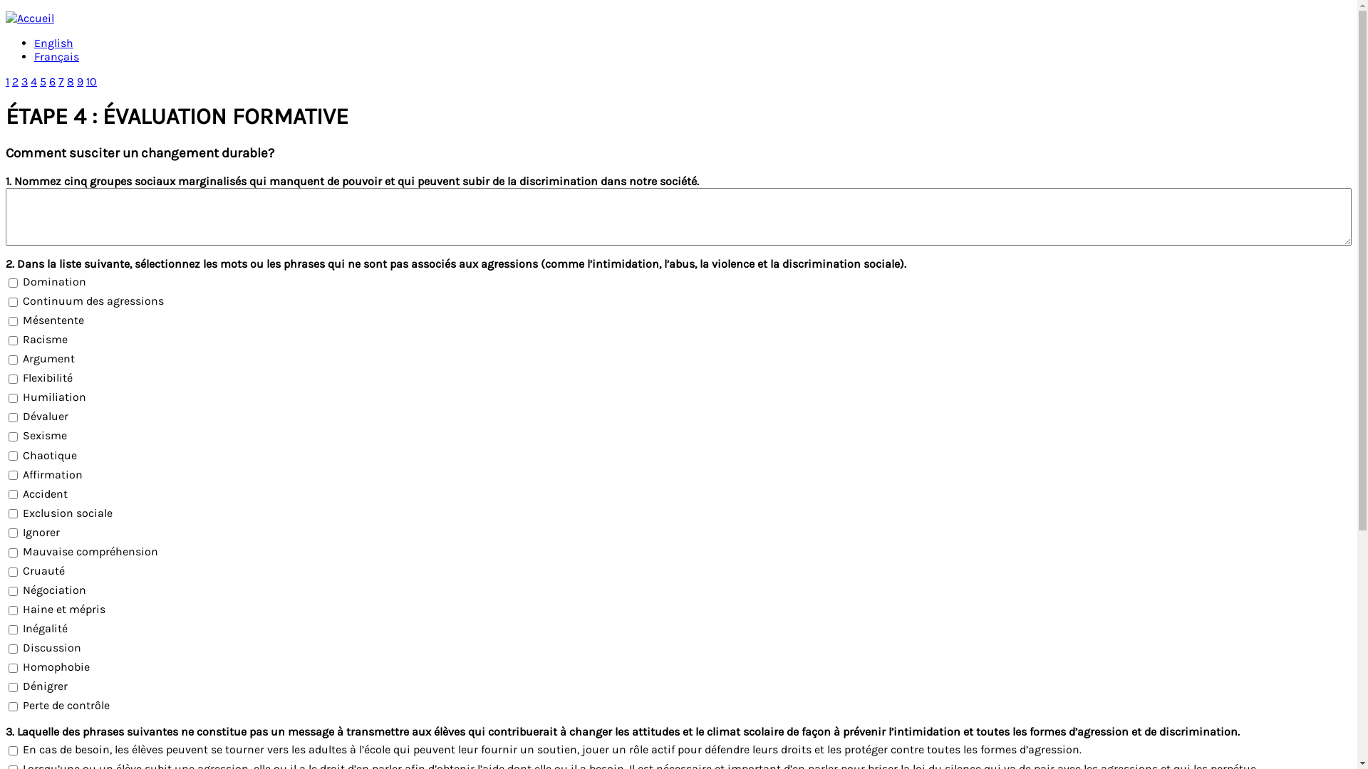 The image size is (1368, 769). I want to click on '1', so click(7, 81).